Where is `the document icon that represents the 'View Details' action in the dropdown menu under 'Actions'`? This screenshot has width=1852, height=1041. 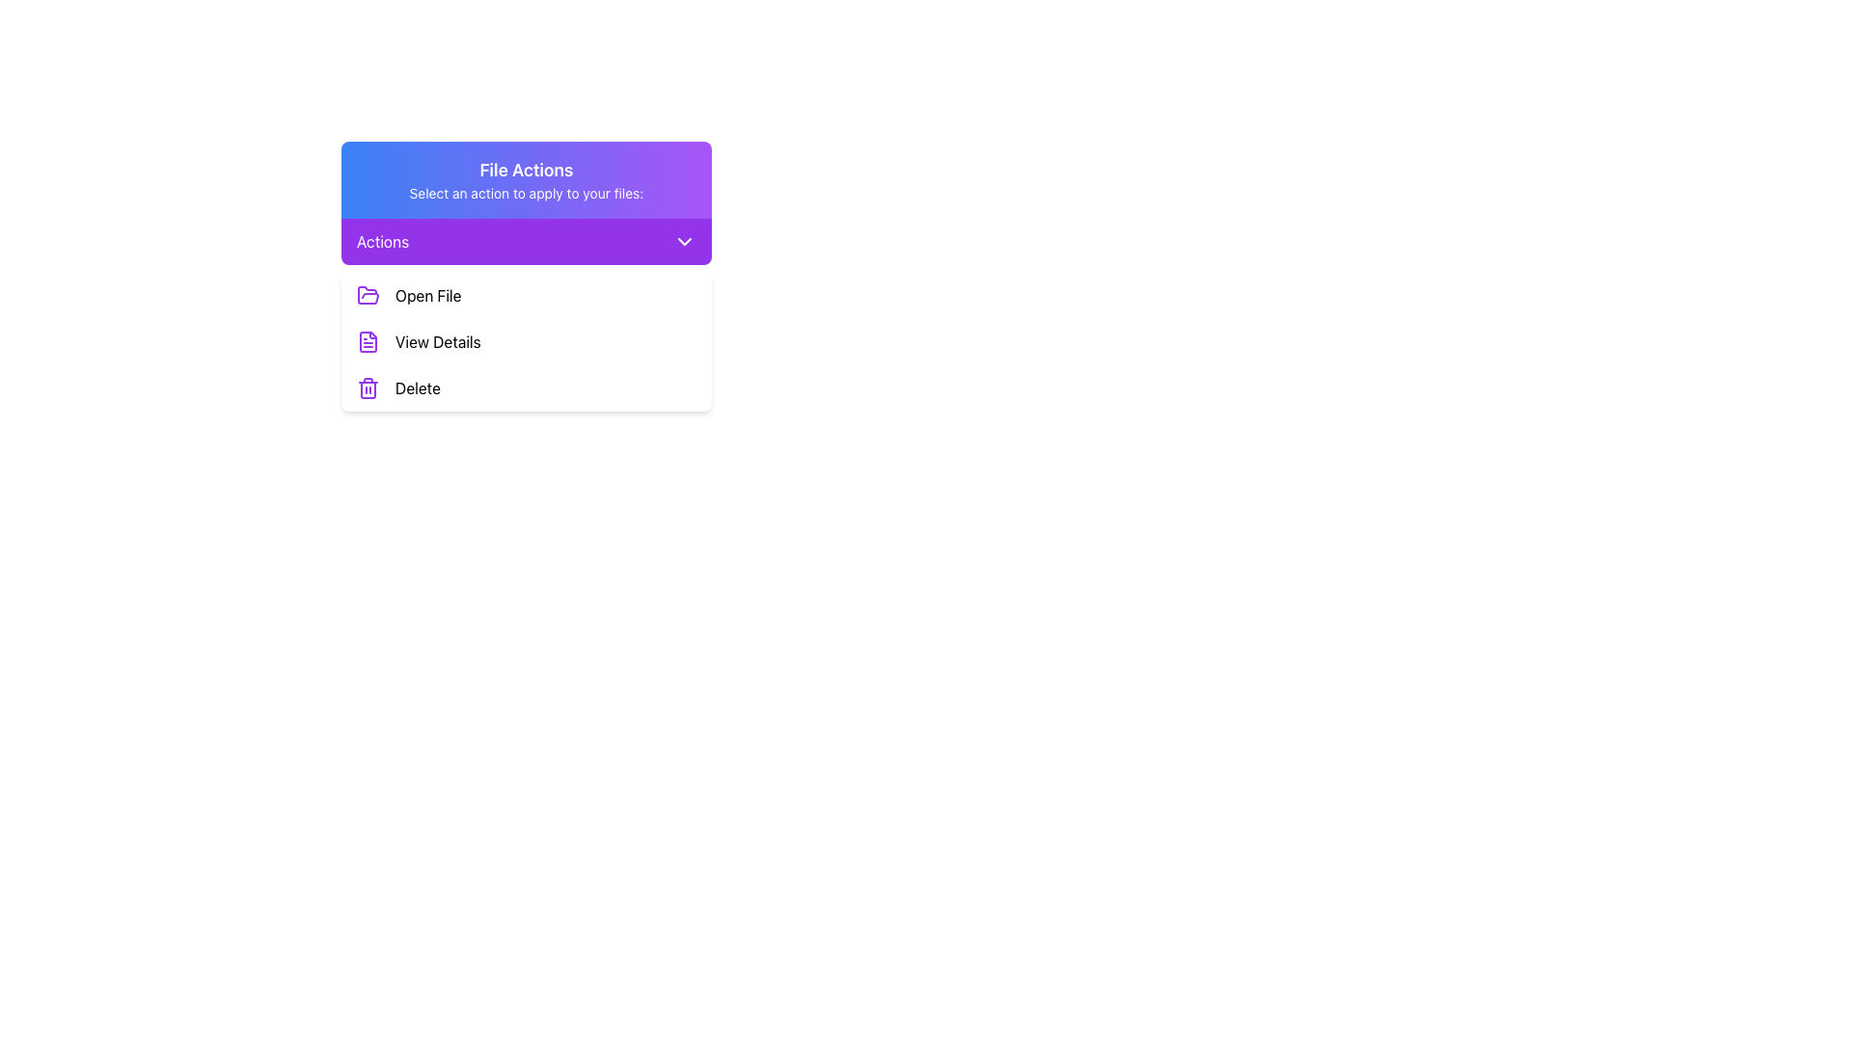
the document icon that represents the 'View Details' action in the dropdown menu under 'Actions' is located at coordinates (368, 340).